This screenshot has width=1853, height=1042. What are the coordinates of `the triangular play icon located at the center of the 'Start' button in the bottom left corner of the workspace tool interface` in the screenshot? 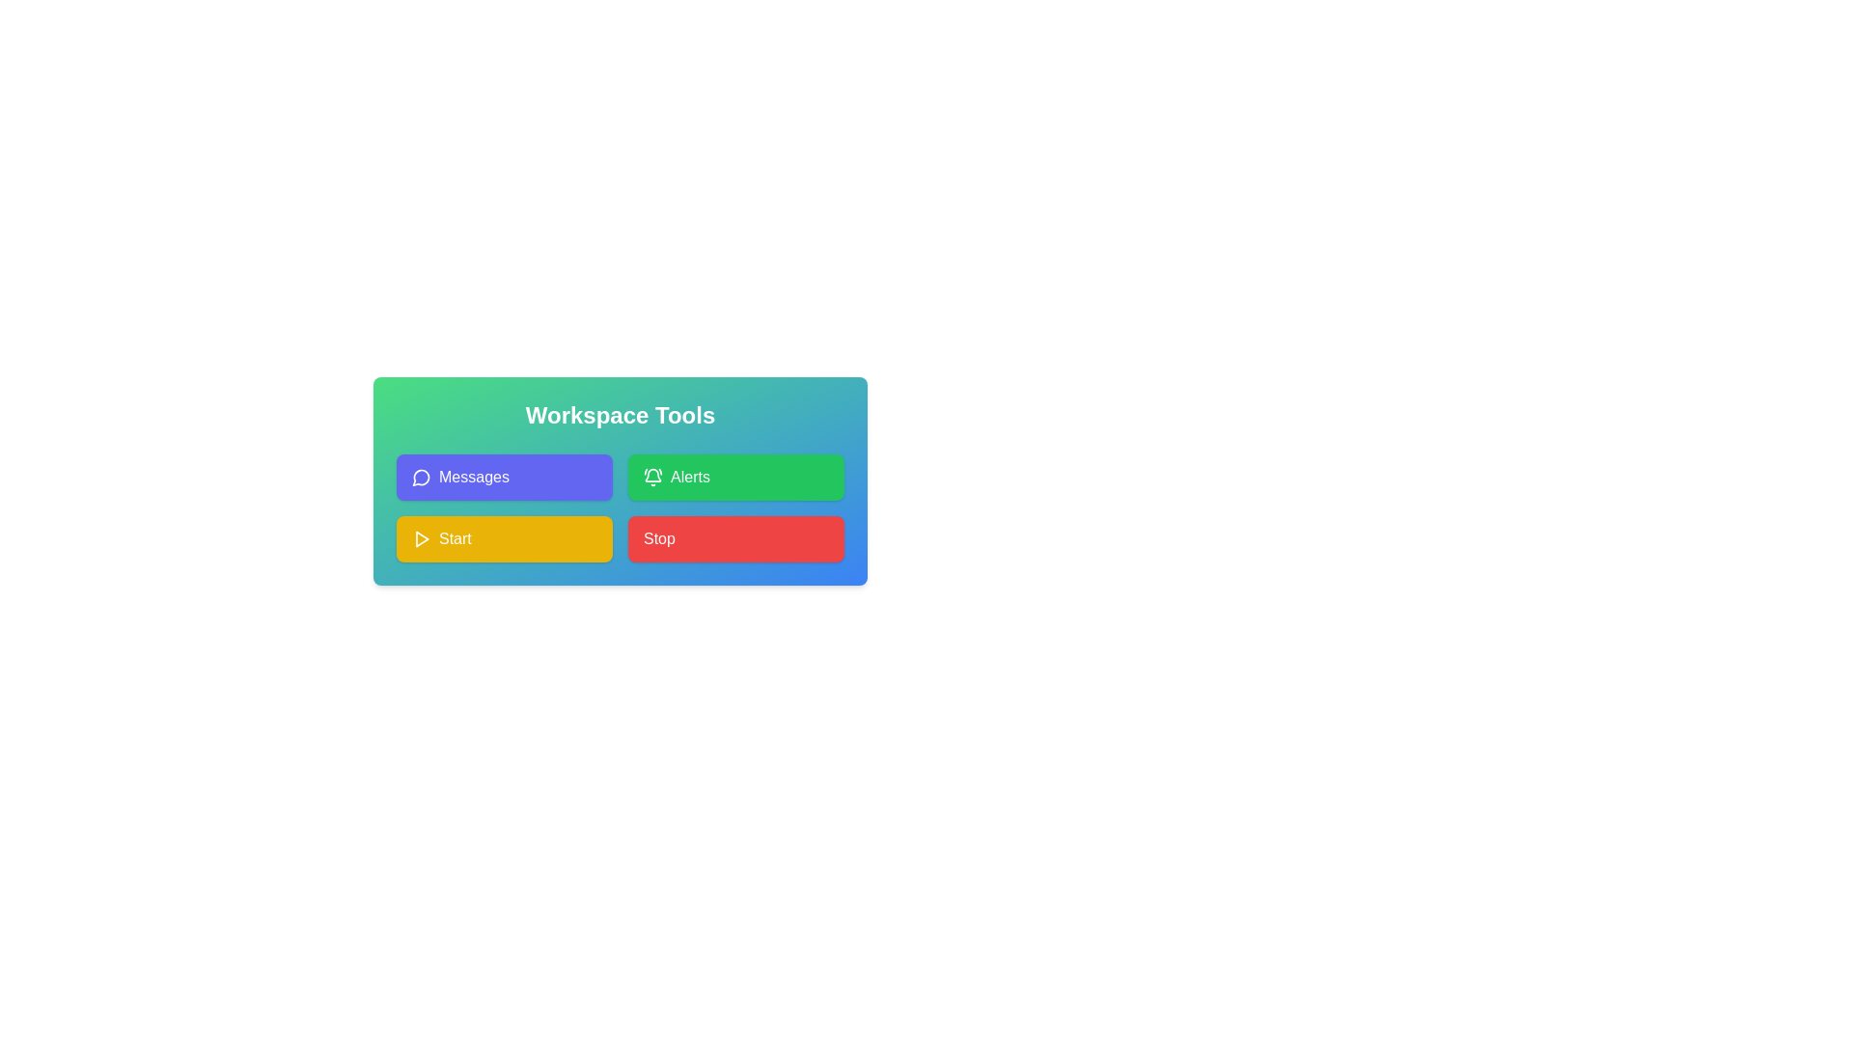 It's located at (421, 539).